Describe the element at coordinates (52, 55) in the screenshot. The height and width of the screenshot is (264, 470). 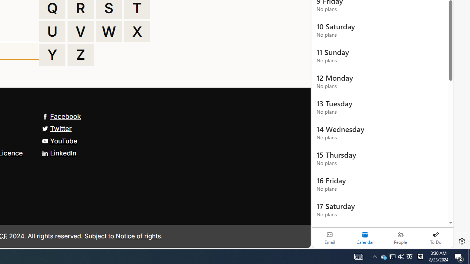
I see `'Y'` at that location.